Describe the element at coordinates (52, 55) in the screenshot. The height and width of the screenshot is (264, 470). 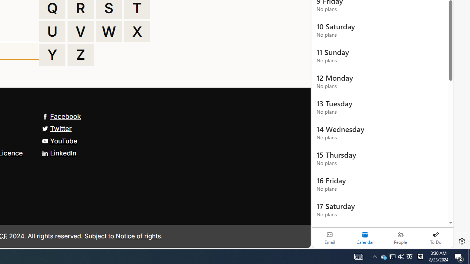
I see `'Y'` at that location.